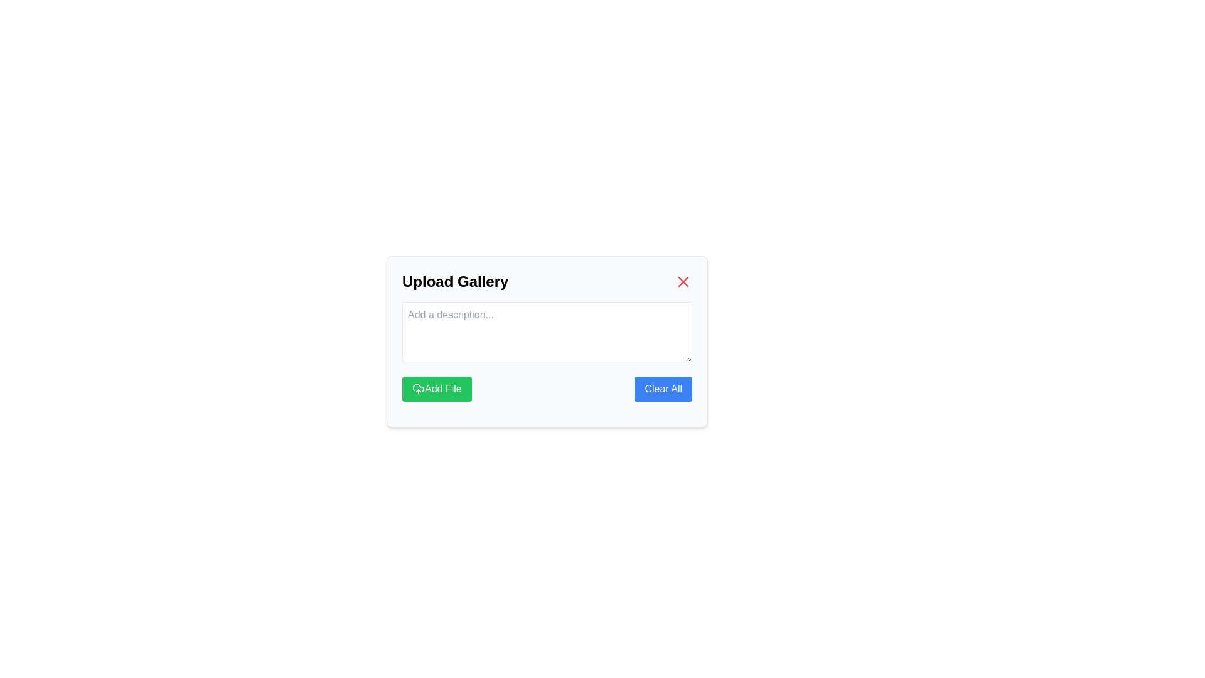  I want to click on the clear/reset button located in the bottom-right corner of the modal to observe its hover effect, so click(663, 389).